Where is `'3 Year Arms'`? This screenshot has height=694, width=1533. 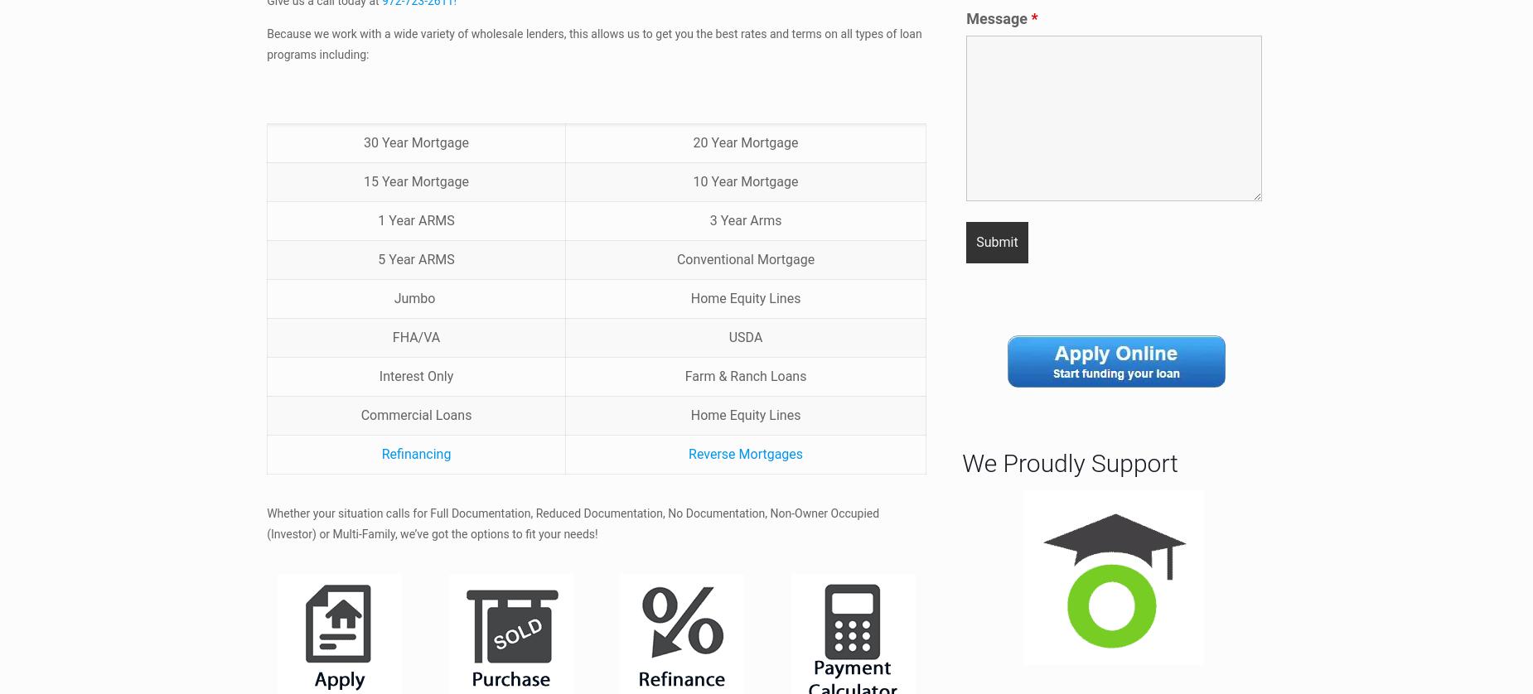
'3 Year Arms' is located at coordinates (708, 219).